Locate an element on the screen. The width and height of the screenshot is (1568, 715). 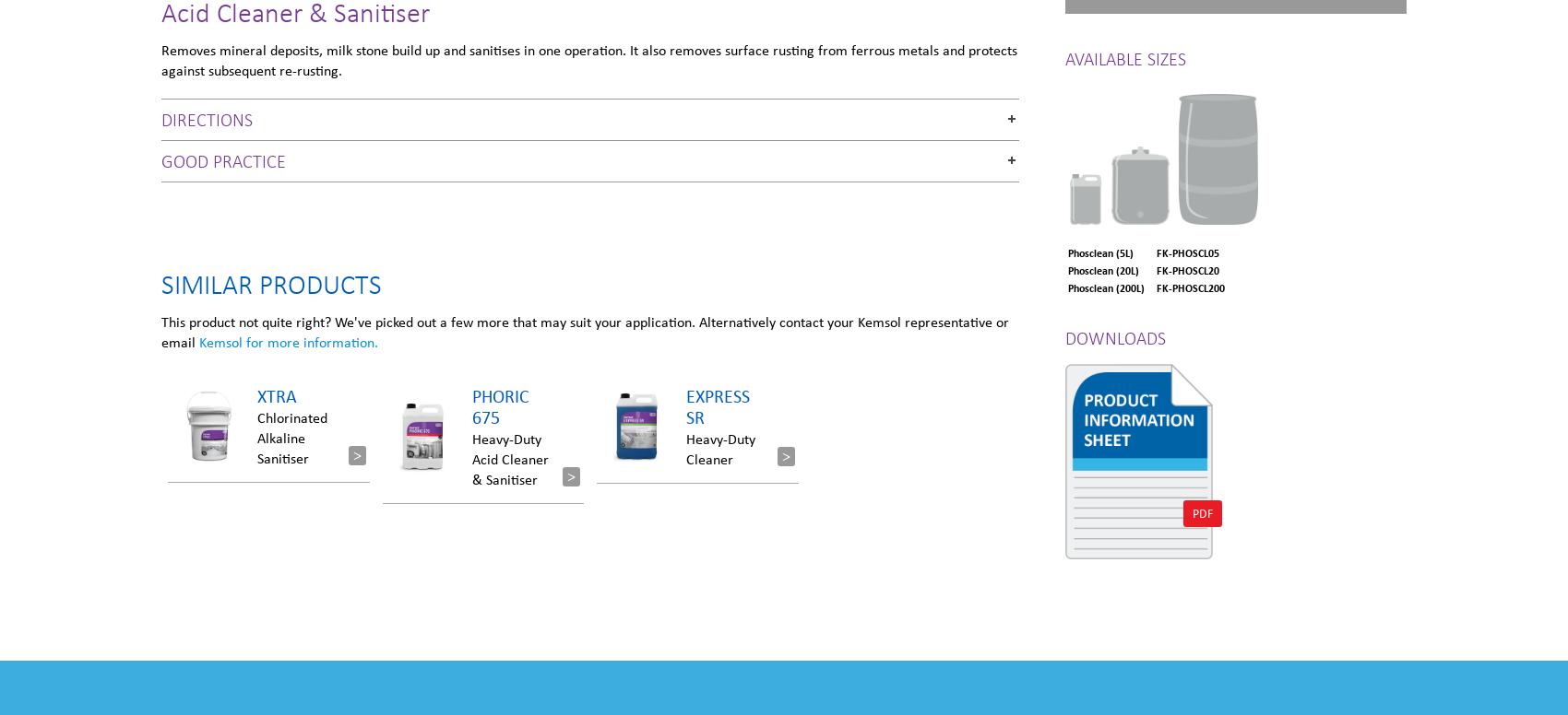
'Good Practice' is located at coordinates (223, 158).